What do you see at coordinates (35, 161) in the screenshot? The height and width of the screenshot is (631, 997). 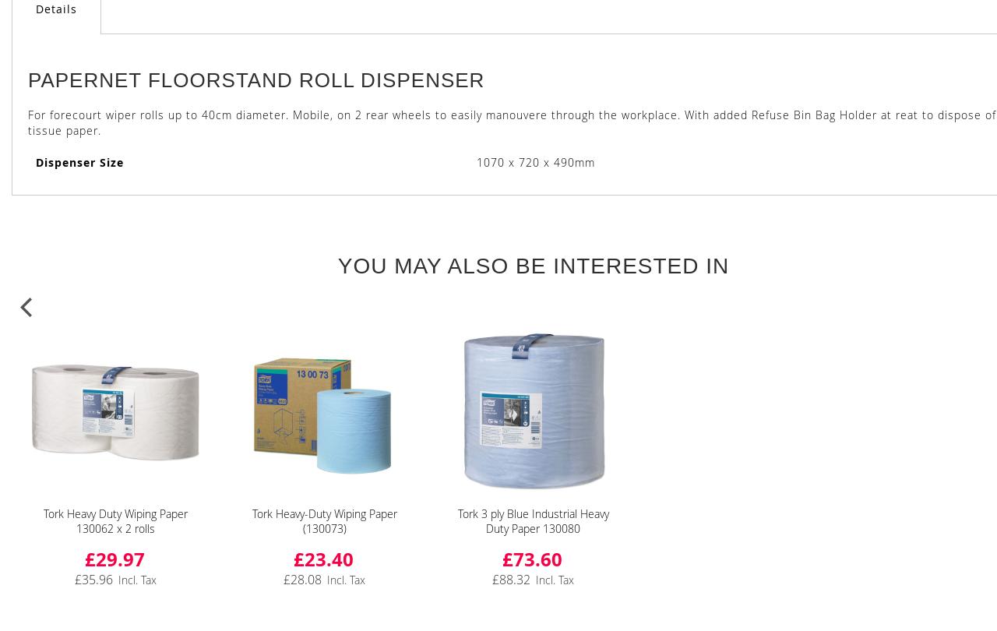 I see `'Dispenser Size'` at bounding box center [35, 161].